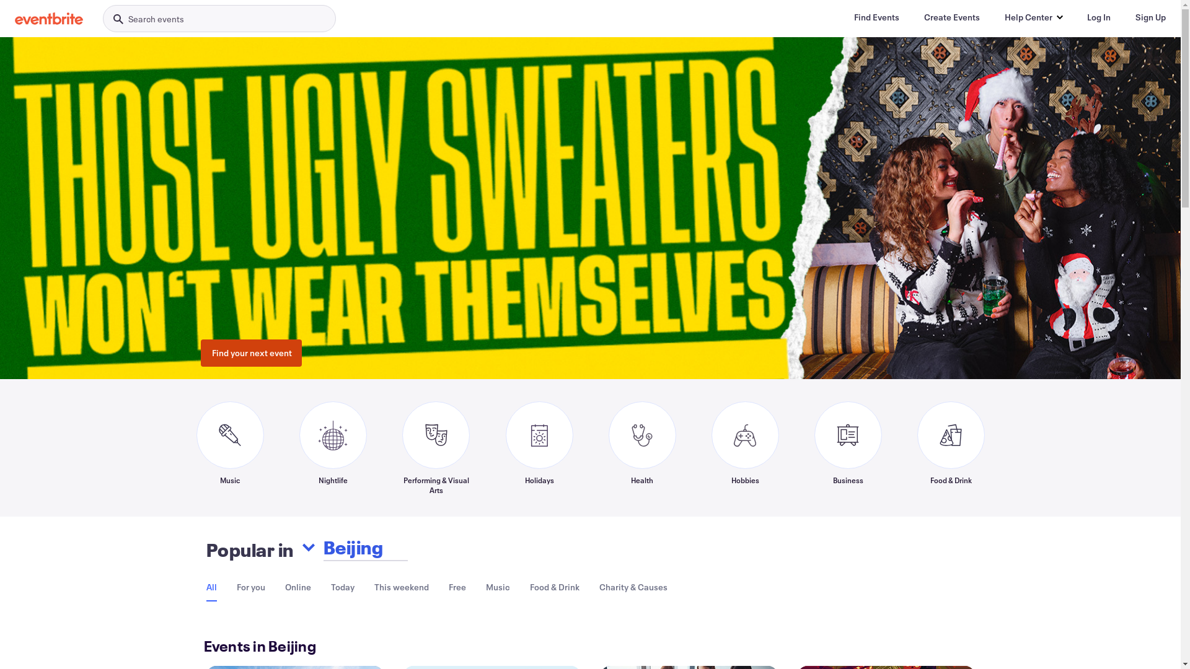  What do you see at coordinates (951, 17) in the screenshot?
I see `'Create Events'` at bounding box center [951, 17].